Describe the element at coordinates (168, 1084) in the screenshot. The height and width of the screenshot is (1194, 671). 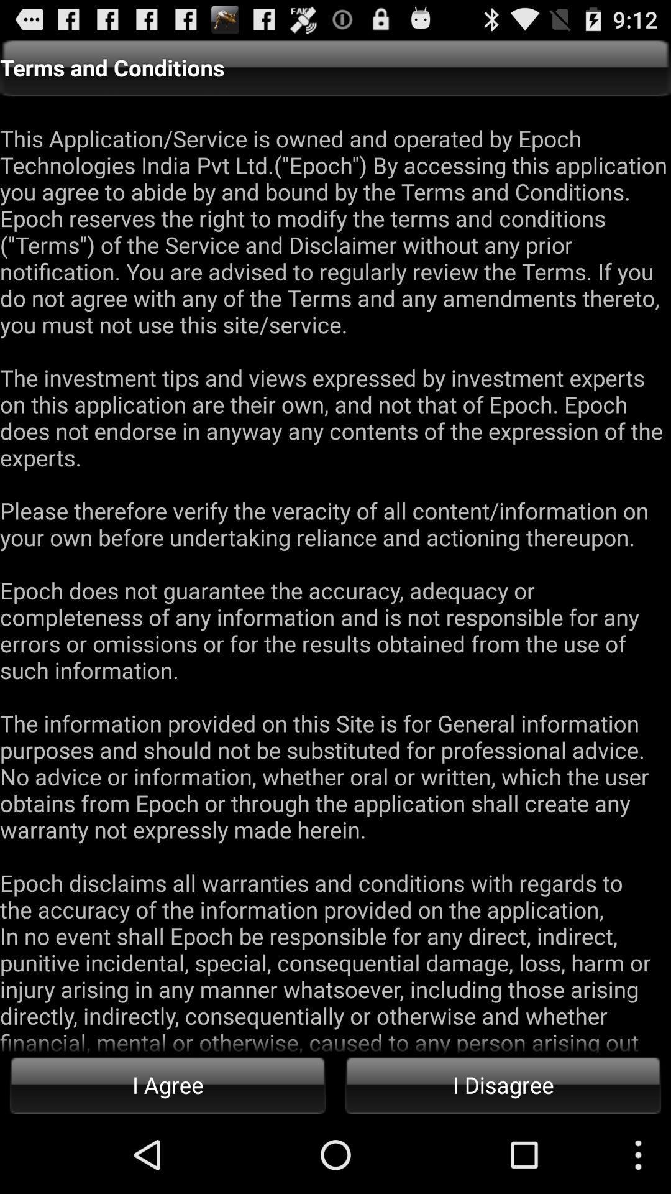
I see `button next to the  i disagree` at that location.